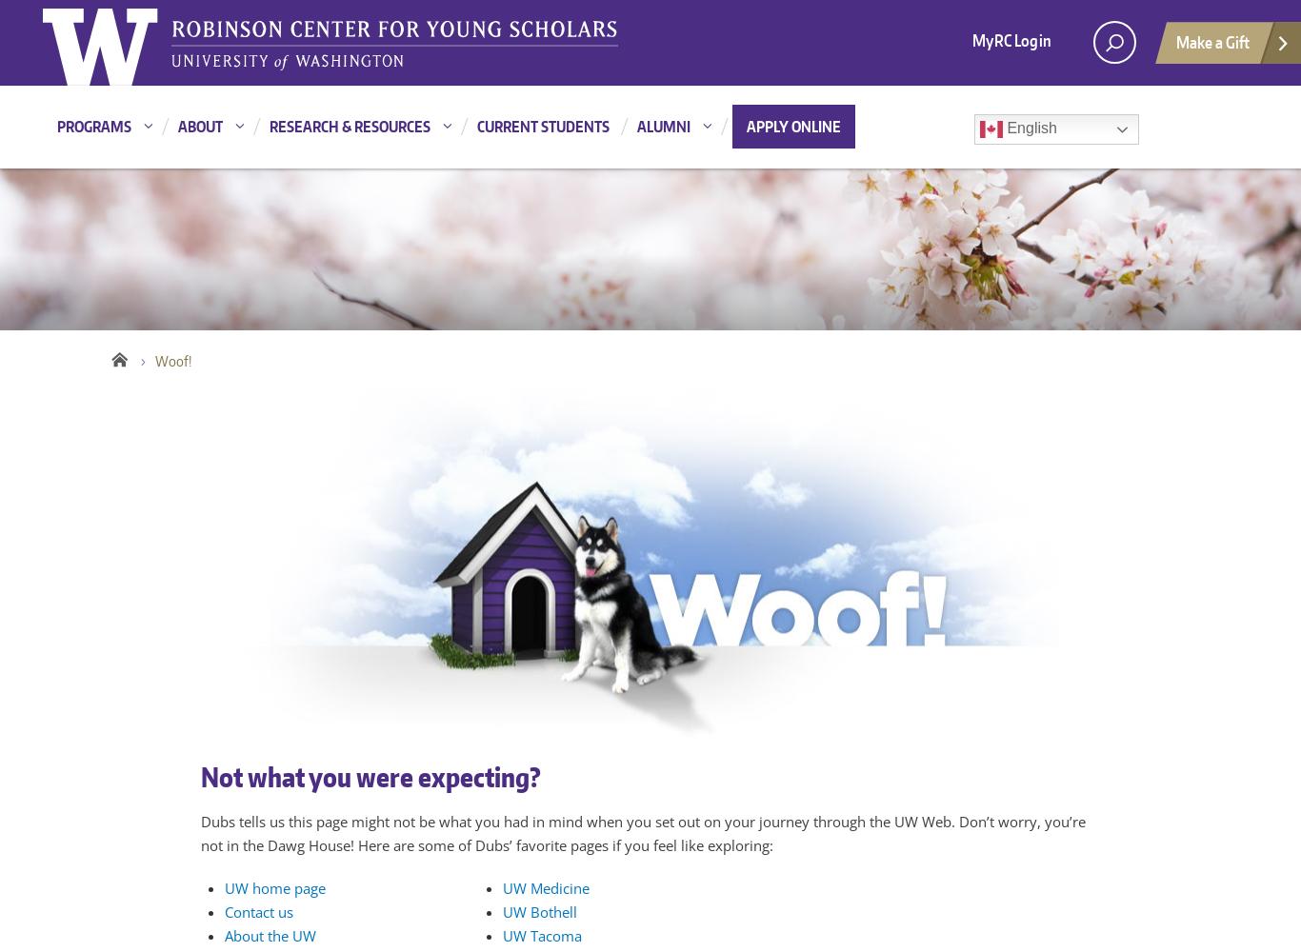 The image size is (1301, 952). I want to click on 'About', so click(199, 127).